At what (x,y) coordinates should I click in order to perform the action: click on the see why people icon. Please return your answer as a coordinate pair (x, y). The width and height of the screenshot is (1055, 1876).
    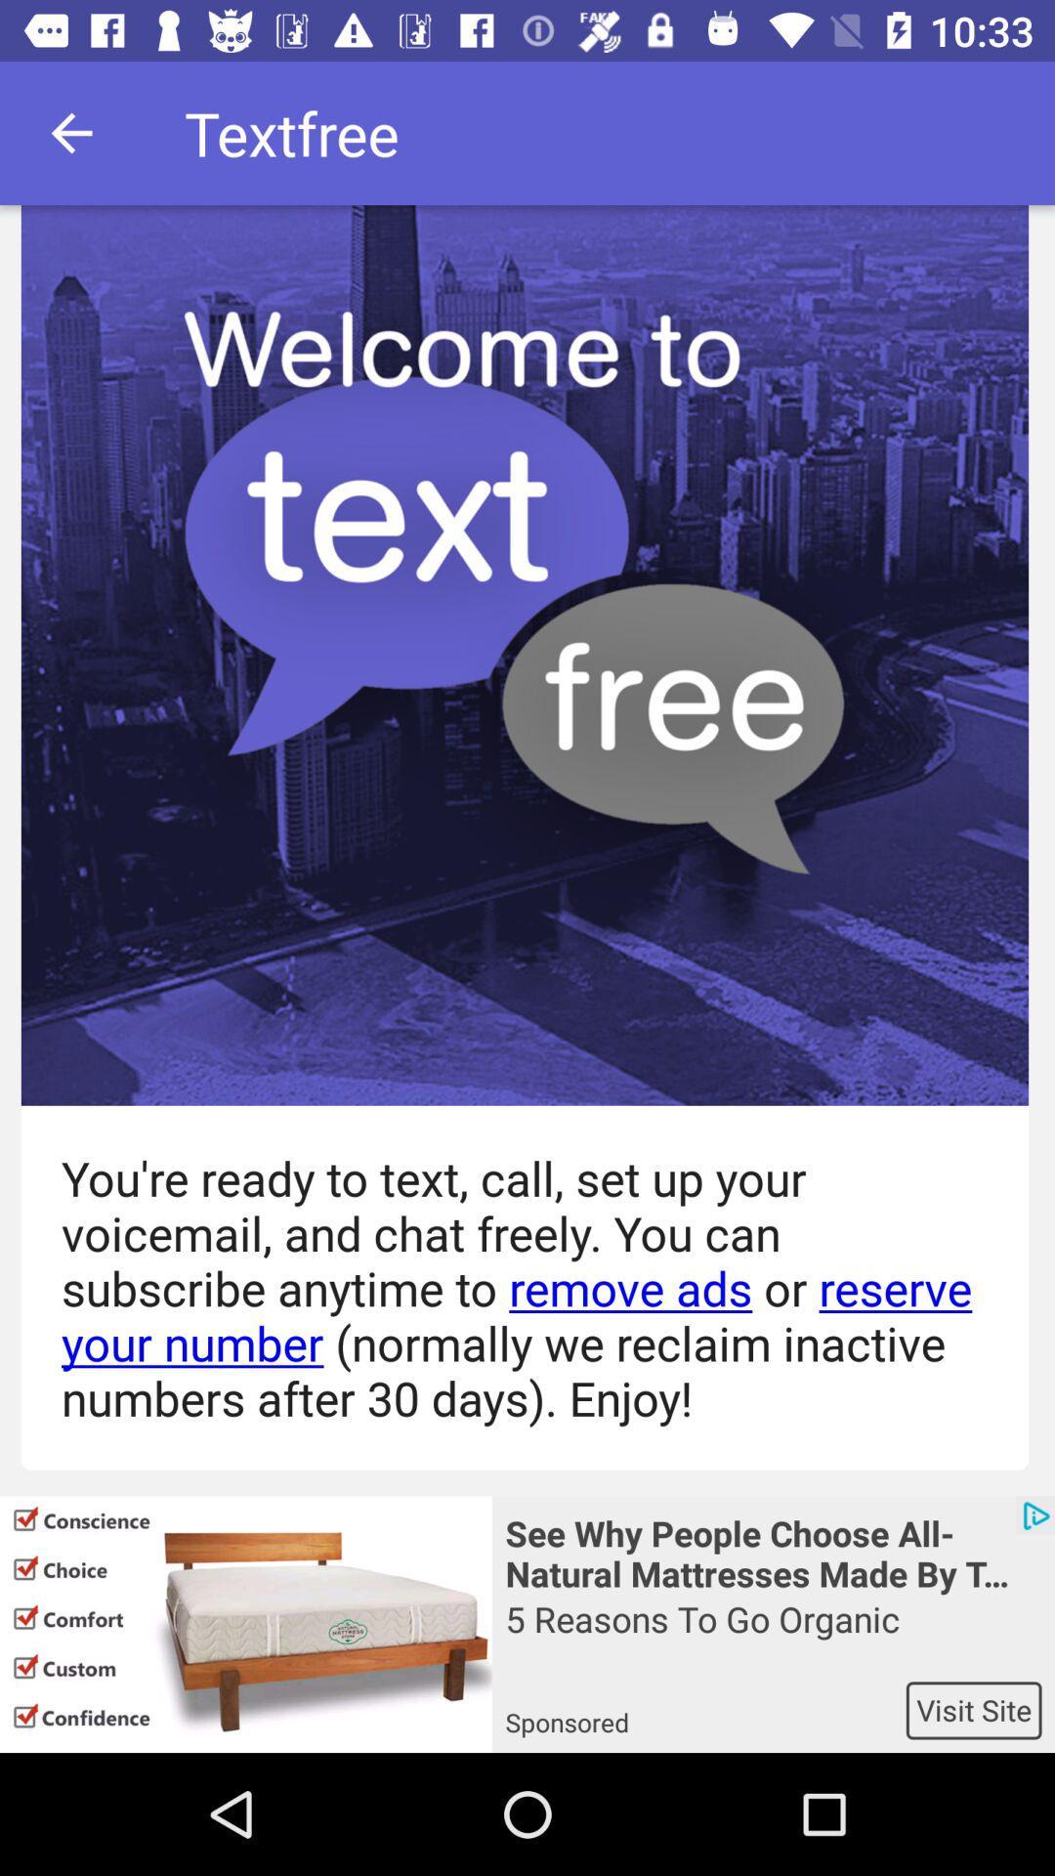
    Looking at the image, I should click on (772, 1551).